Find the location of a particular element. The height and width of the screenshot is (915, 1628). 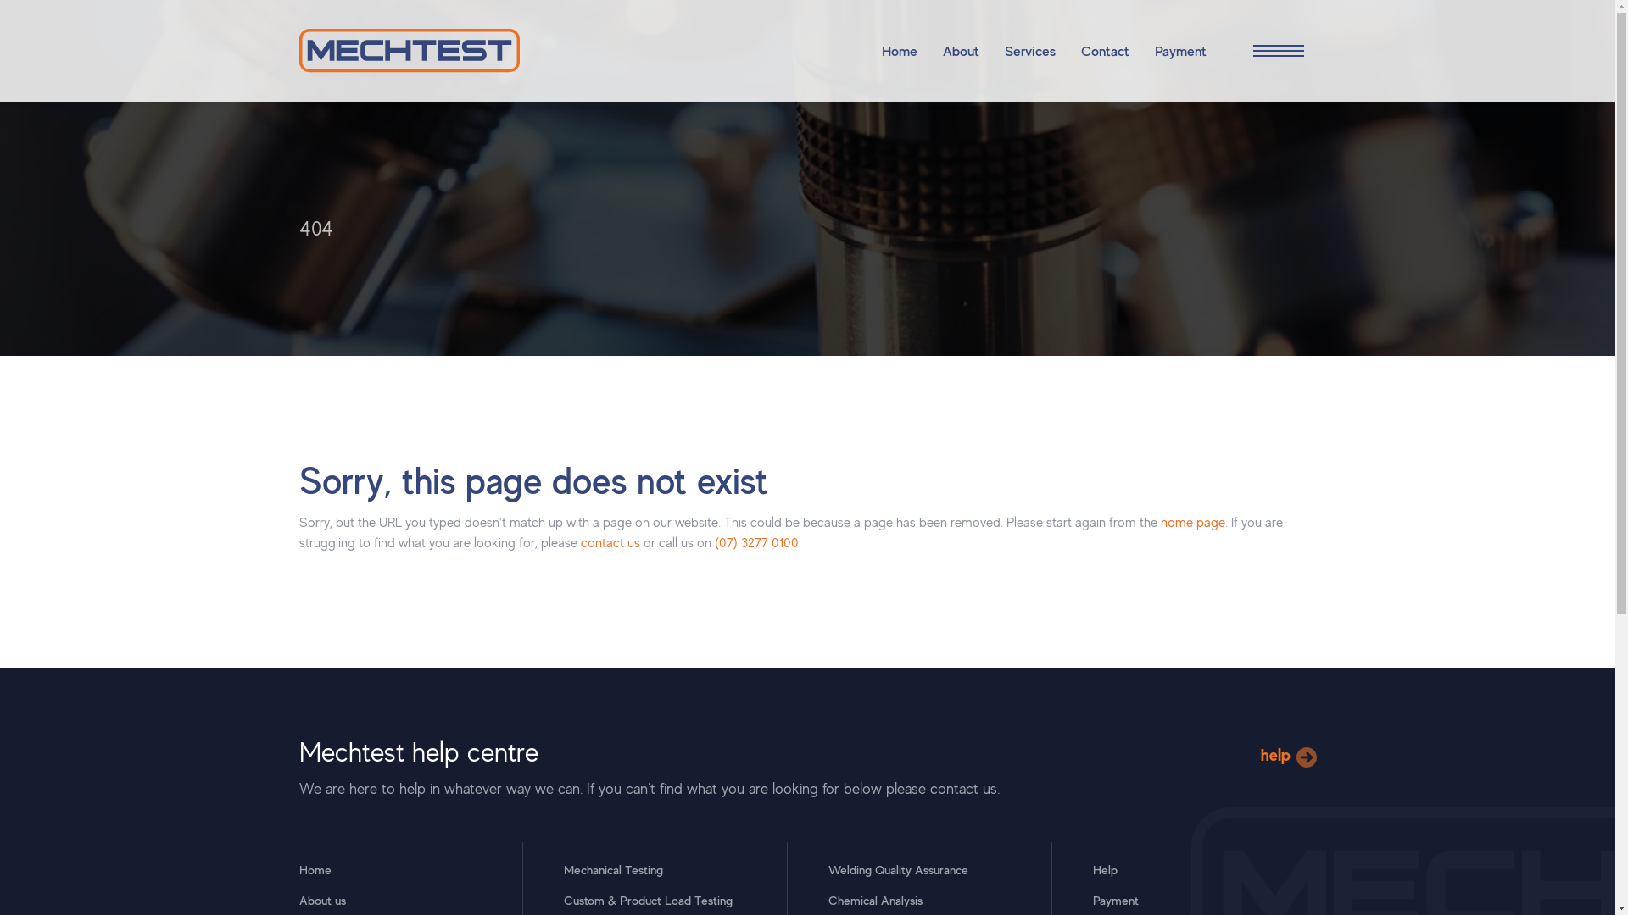

'Home' is located at coordinates (314, 869).